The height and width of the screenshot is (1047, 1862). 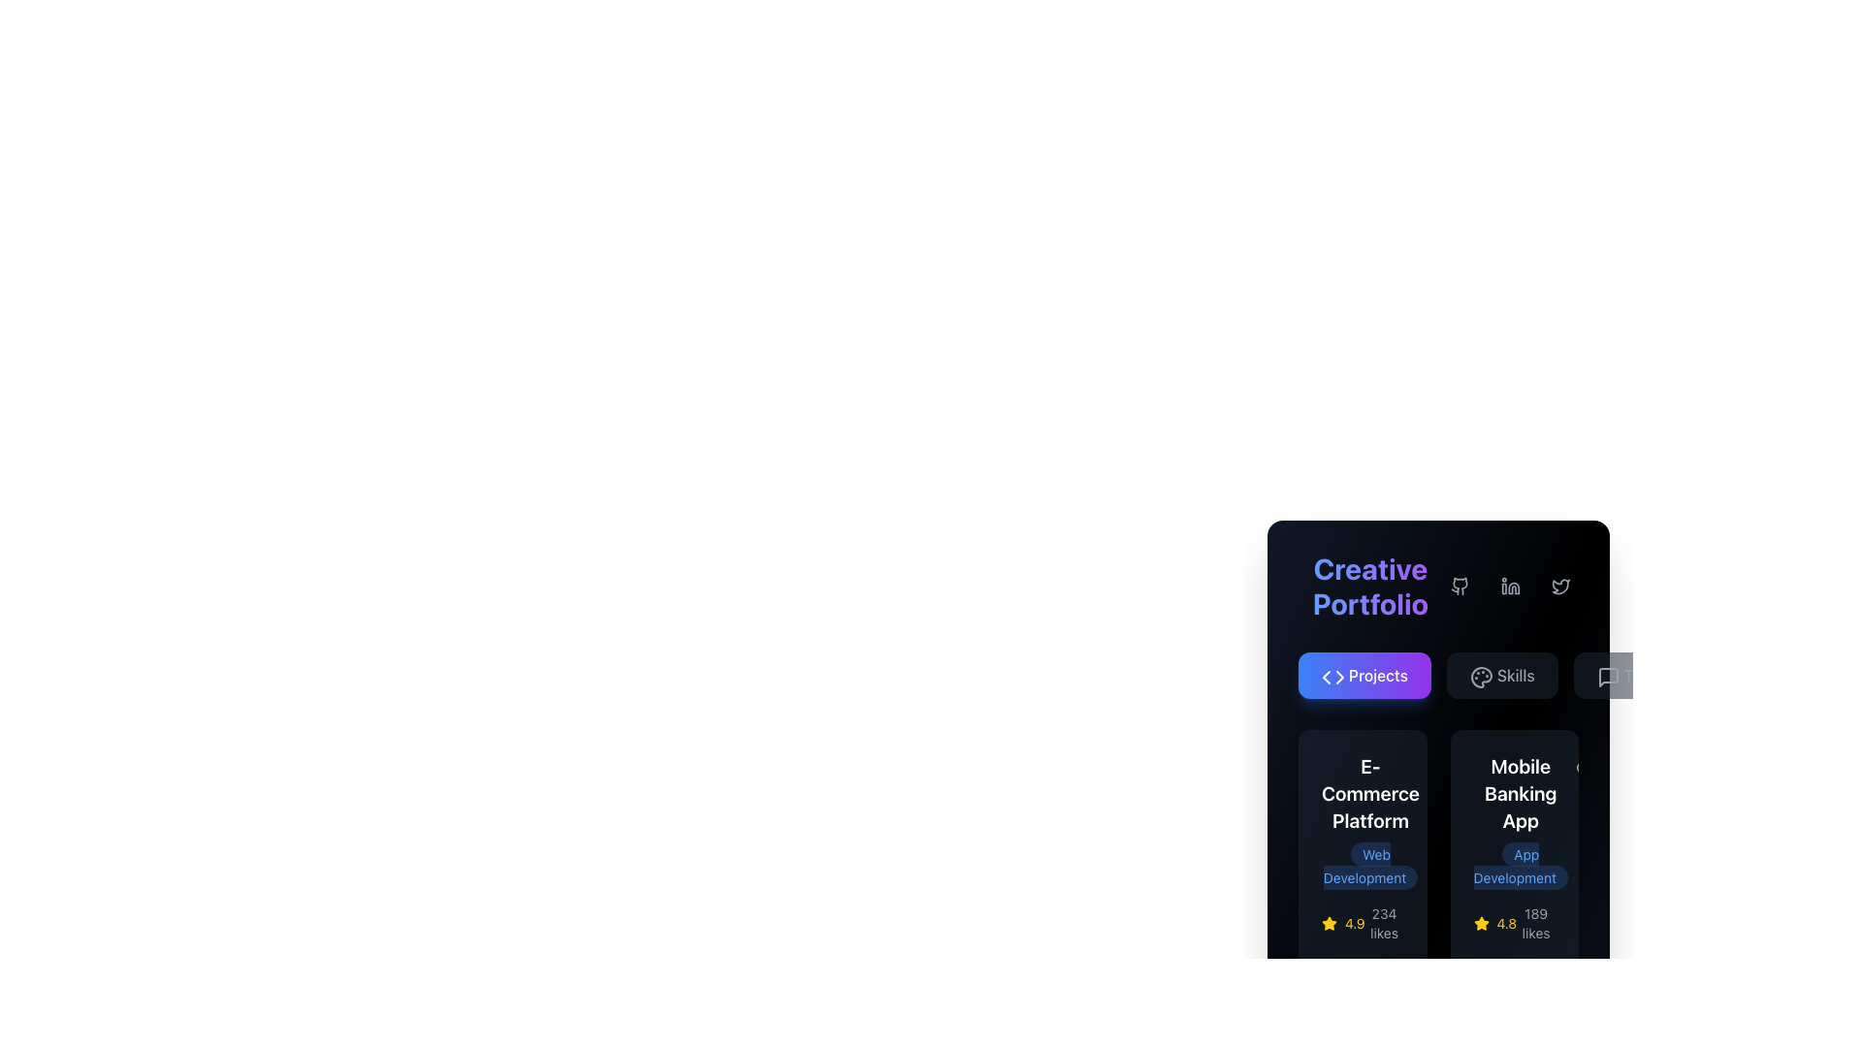 What do you see at coordinates (1513, 922) in the screenshot?
I see `rating and like count displayed by the star icon and text in the rating display of the 'Mobile Banking App' card, which is the second card in a horizontal list` at bounding box center [1513, 922].